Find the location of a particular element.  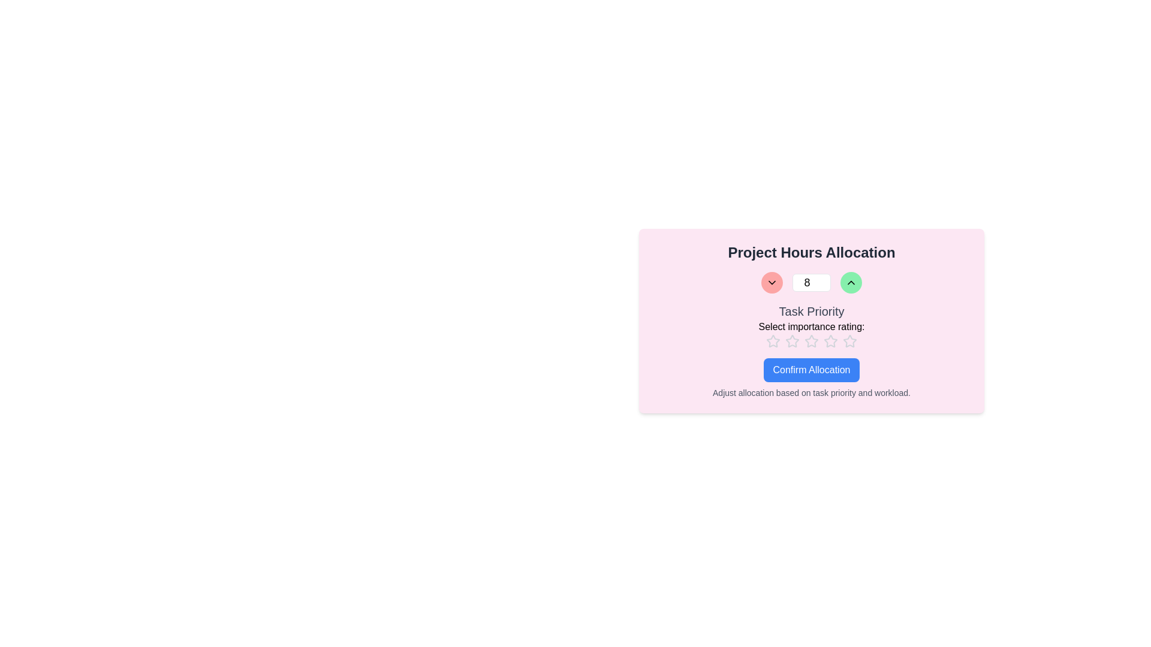

the first star icon in the rating input is located at coordinates (792, 341).